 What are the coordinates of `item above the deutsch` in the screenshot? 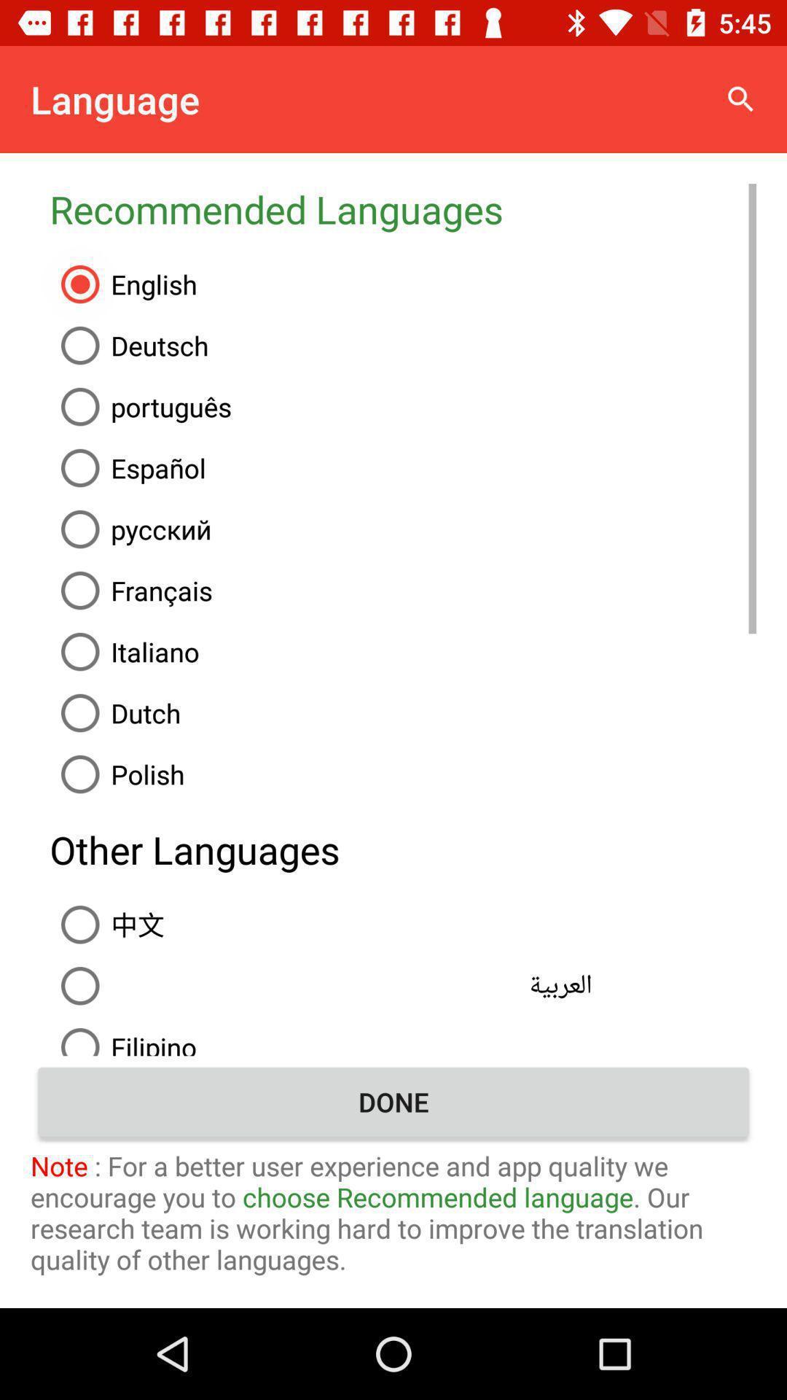 It's located at (403, 284).